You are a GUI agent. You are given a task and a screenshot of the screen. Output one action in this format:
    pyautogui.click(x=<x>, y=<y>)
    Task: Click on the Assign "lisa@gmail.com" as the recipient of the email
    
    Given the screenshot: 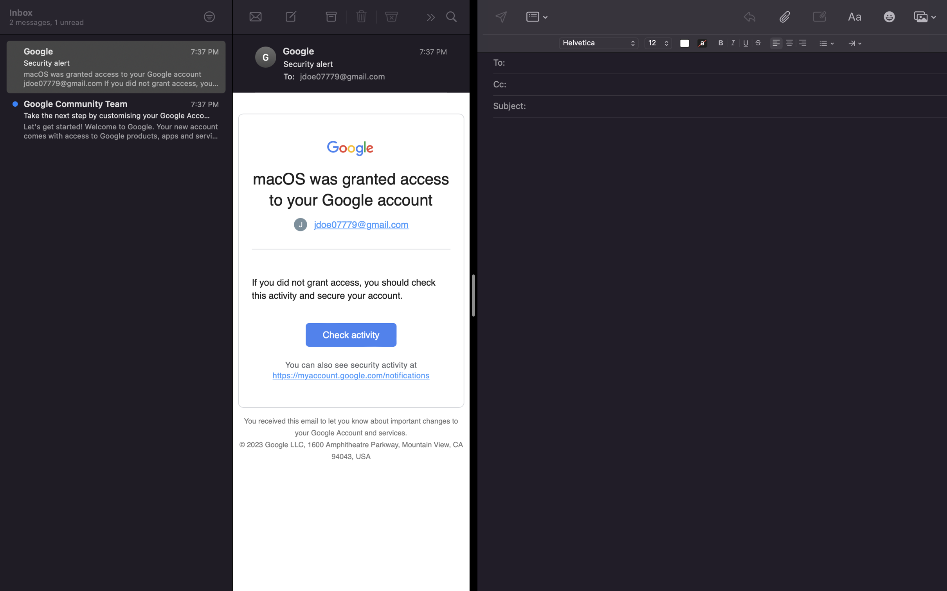 What is the action you would take?
    pyautogui.click(x=726, y=63)
    